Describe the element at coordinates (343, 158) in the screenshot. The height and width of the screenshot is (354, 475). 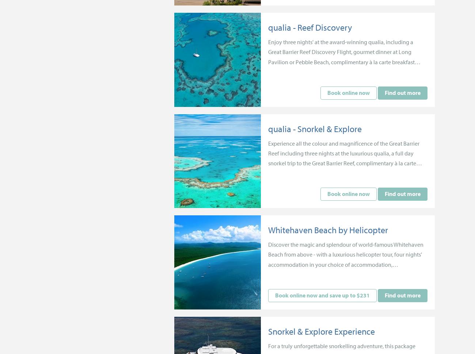
I see `'Experience all the colour and magnificence of the Great Barrier Reef including three nights at the luxurious qualia, a full day snorkel trip to the Great Barrier Reef, complimentary à la carte breakfast daily and more.'` at that location.